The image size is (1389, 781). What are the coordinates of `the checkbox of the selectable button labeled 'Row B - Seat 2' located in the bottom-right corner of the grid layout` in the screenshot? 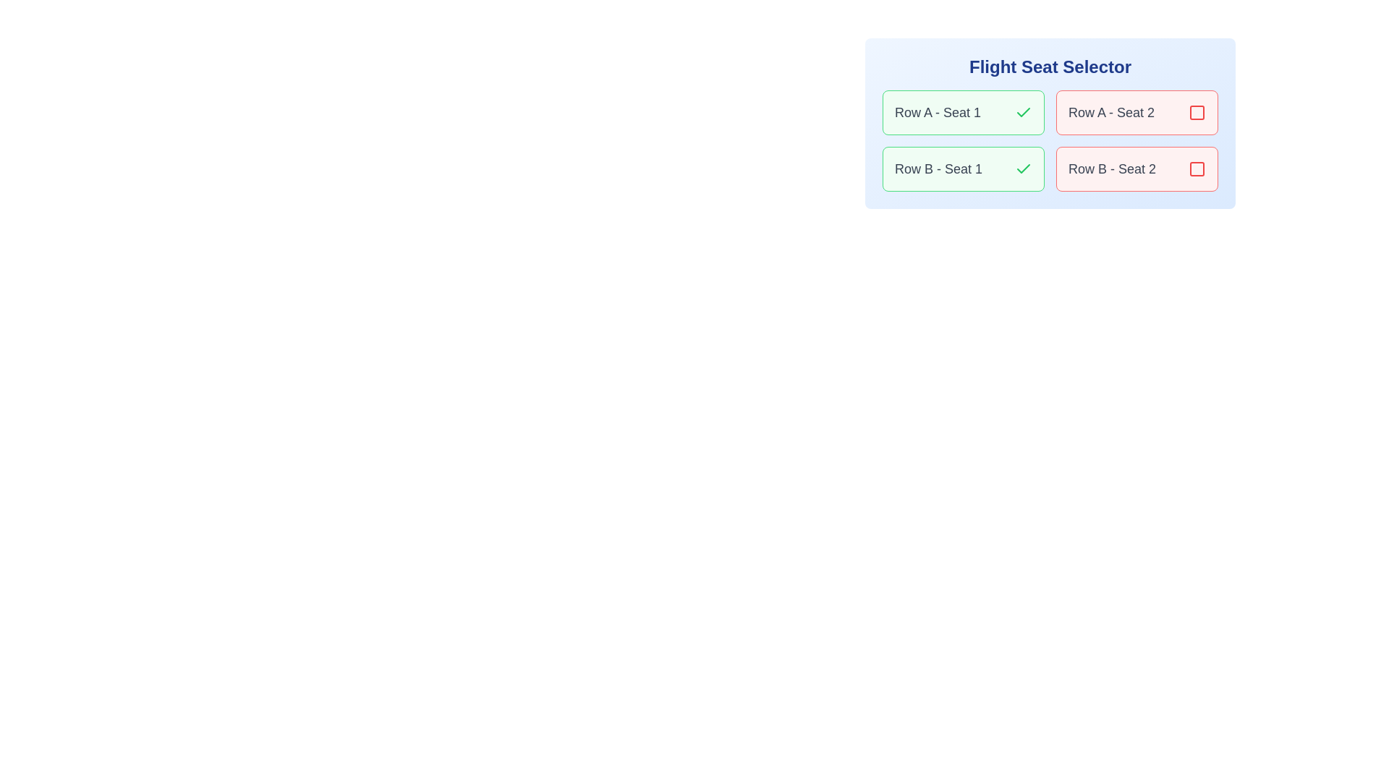 It's located at (1136, 168).